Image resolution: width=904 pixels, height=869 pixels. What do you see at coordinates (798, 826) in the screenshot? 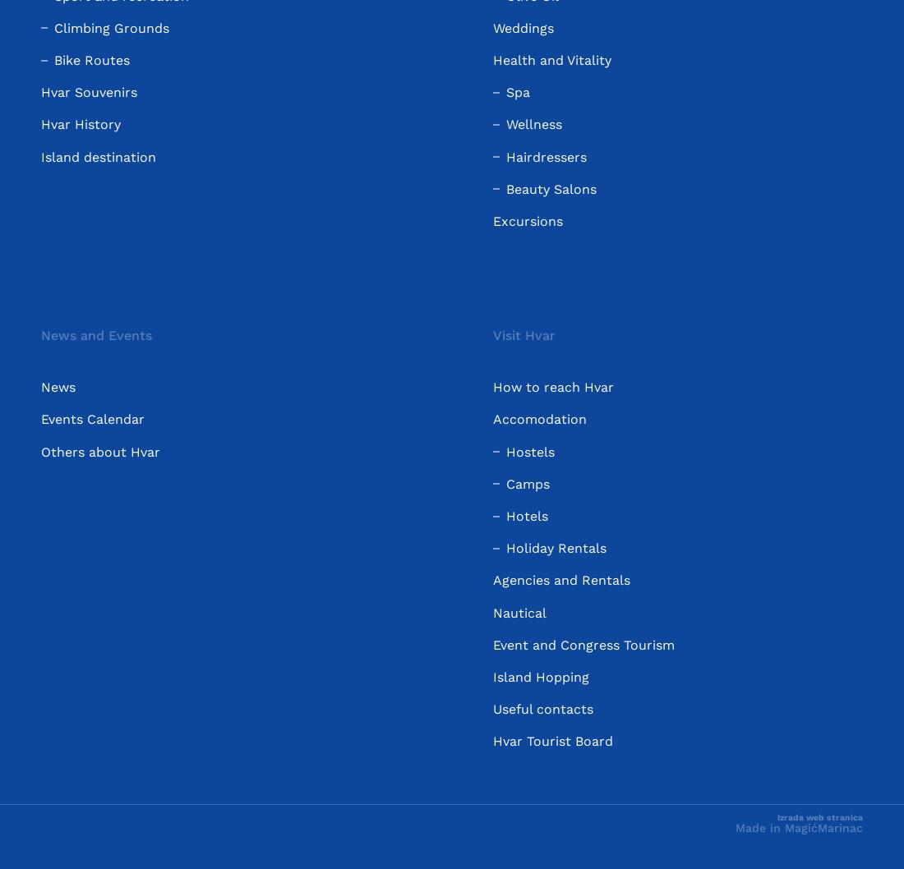
I see `'Made in MagićMarinac'` at bounding box center [798, 826].